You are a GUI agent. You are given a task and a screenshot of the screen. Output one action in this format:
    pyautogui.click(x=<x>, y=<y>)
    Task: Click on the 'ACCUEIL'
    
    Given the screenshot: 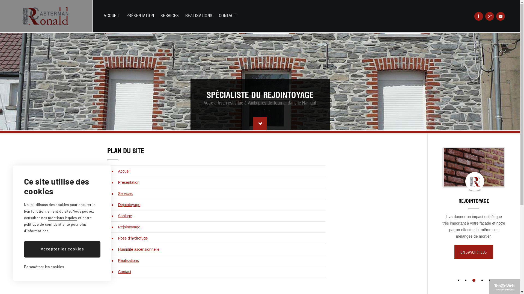 What is the action you would take?
    pyautogui.click(x=111, y=16)
    